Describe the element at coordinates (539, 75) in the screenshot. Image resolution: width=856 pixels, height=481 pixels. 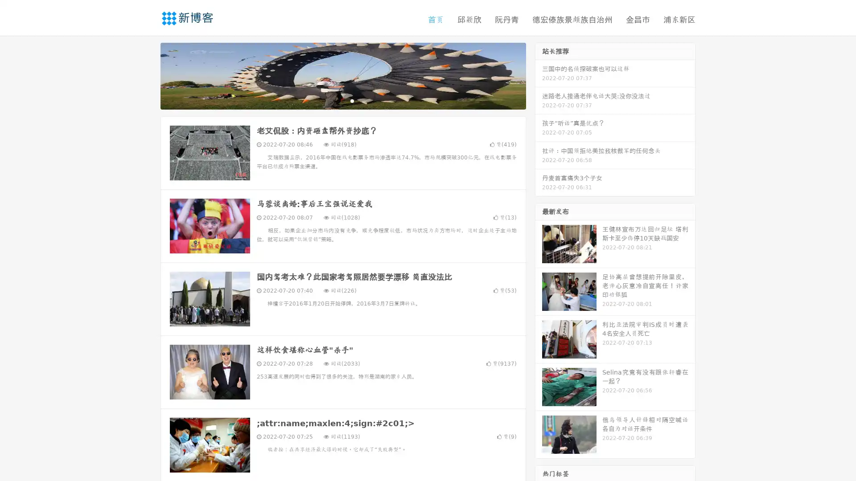
I see `Next slide` at that location.